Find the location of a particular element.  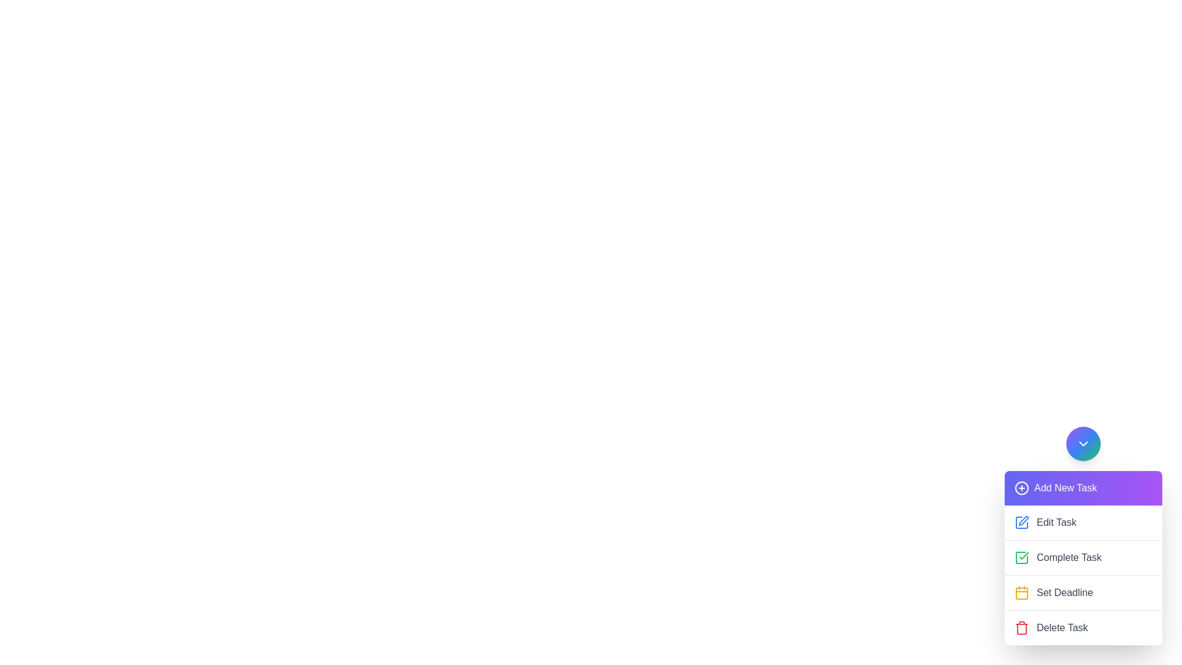

the interactive menu item for setting a deadline for a task is located at coordinates (1083, 591).